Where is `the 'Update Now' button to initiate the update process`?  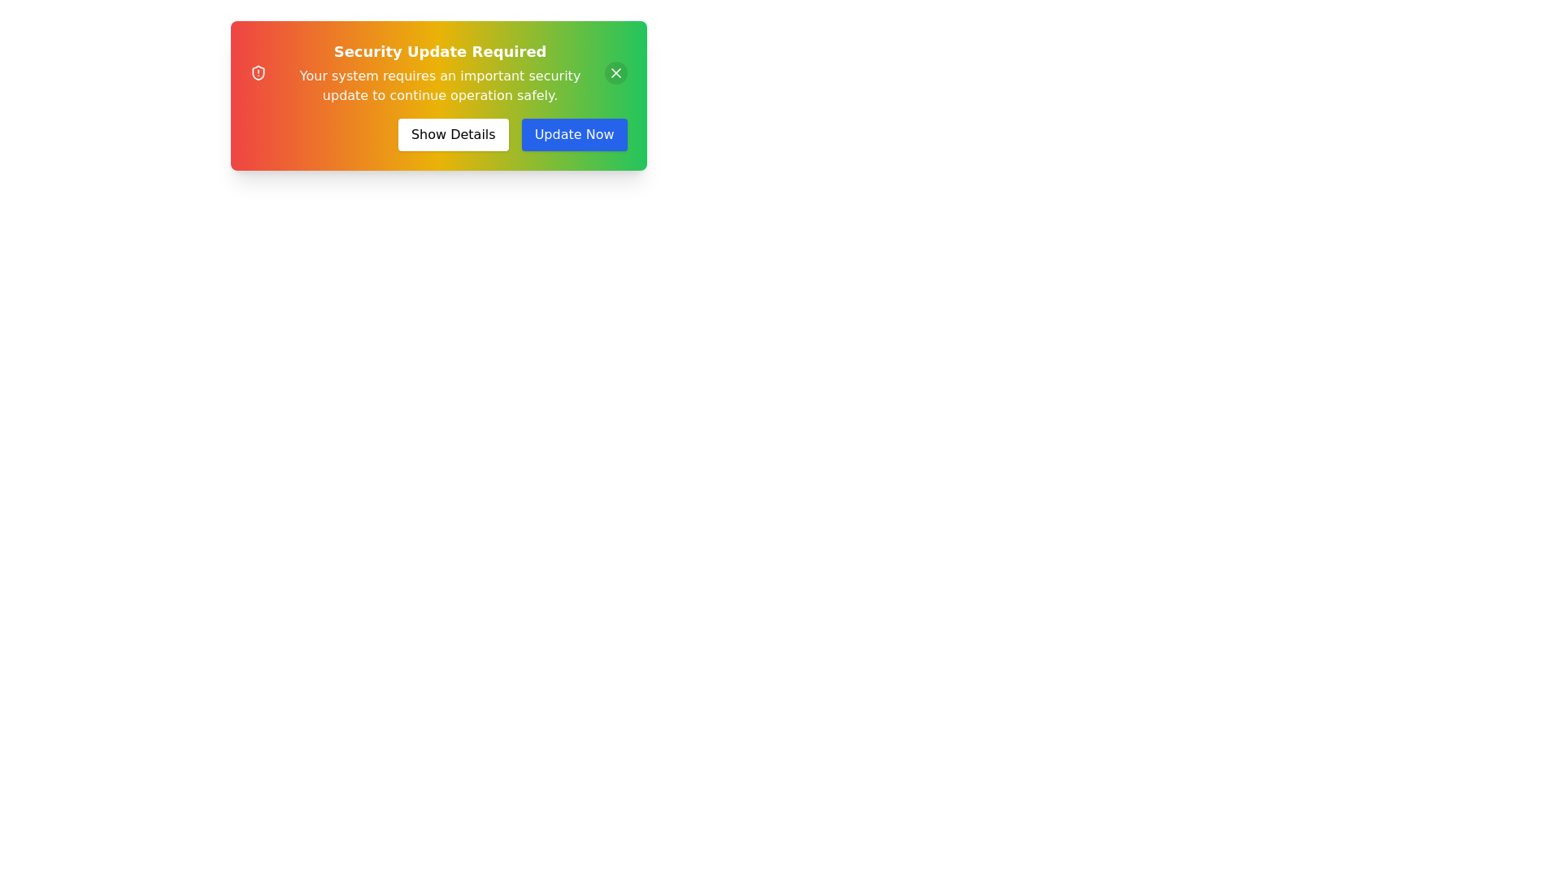
the 'Update Now' button to initiate the update process is located at coordinates (574, 133).